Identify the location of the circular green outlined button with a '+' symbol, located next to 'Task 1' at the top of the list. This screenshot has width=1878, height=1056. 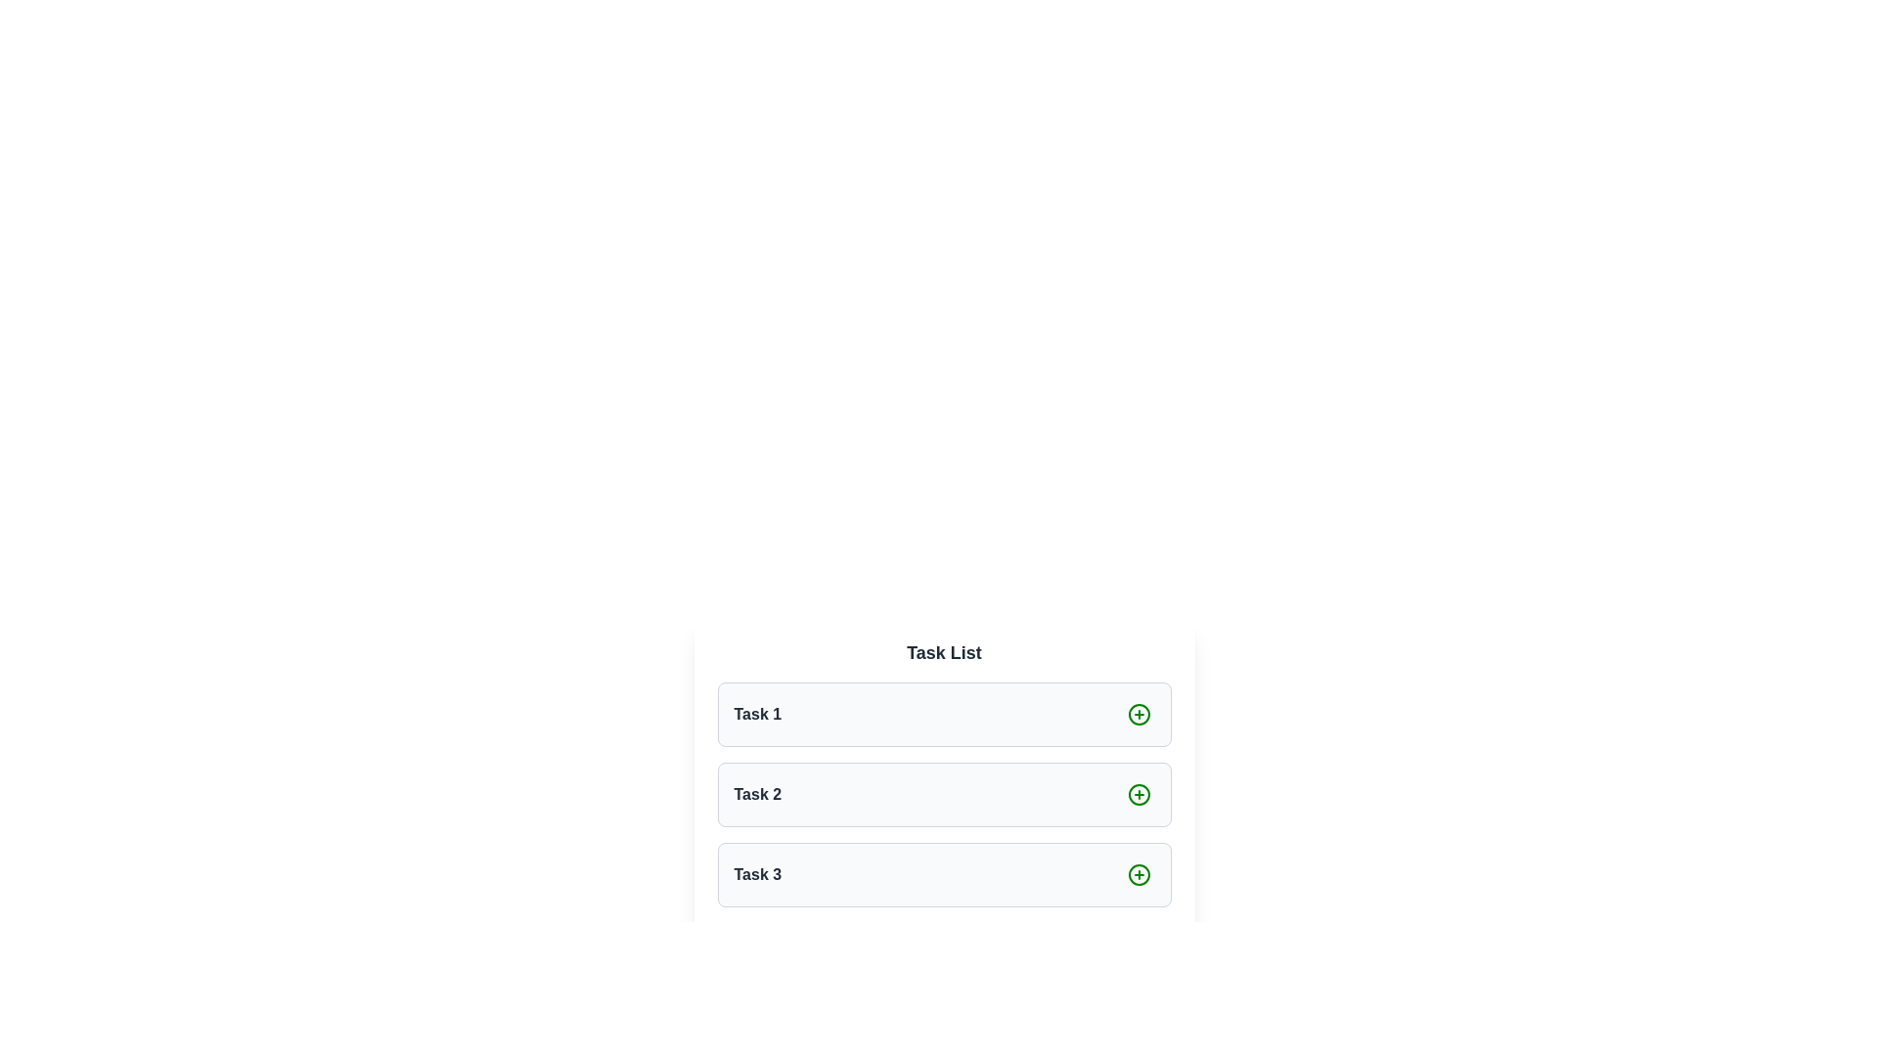
(1139, 715).